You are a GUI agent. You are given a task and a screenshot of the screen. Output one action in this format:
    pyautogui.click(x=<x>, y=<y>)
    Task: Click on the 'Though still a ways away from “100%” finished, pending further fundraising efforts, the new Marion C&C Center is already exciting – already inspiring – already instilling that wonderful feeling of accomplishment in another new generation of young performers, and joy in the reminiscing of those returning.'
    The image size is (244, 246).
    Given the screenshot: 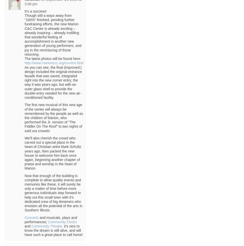 What is the action you would take?
    pyautogui.click(x=53, y=34)
    